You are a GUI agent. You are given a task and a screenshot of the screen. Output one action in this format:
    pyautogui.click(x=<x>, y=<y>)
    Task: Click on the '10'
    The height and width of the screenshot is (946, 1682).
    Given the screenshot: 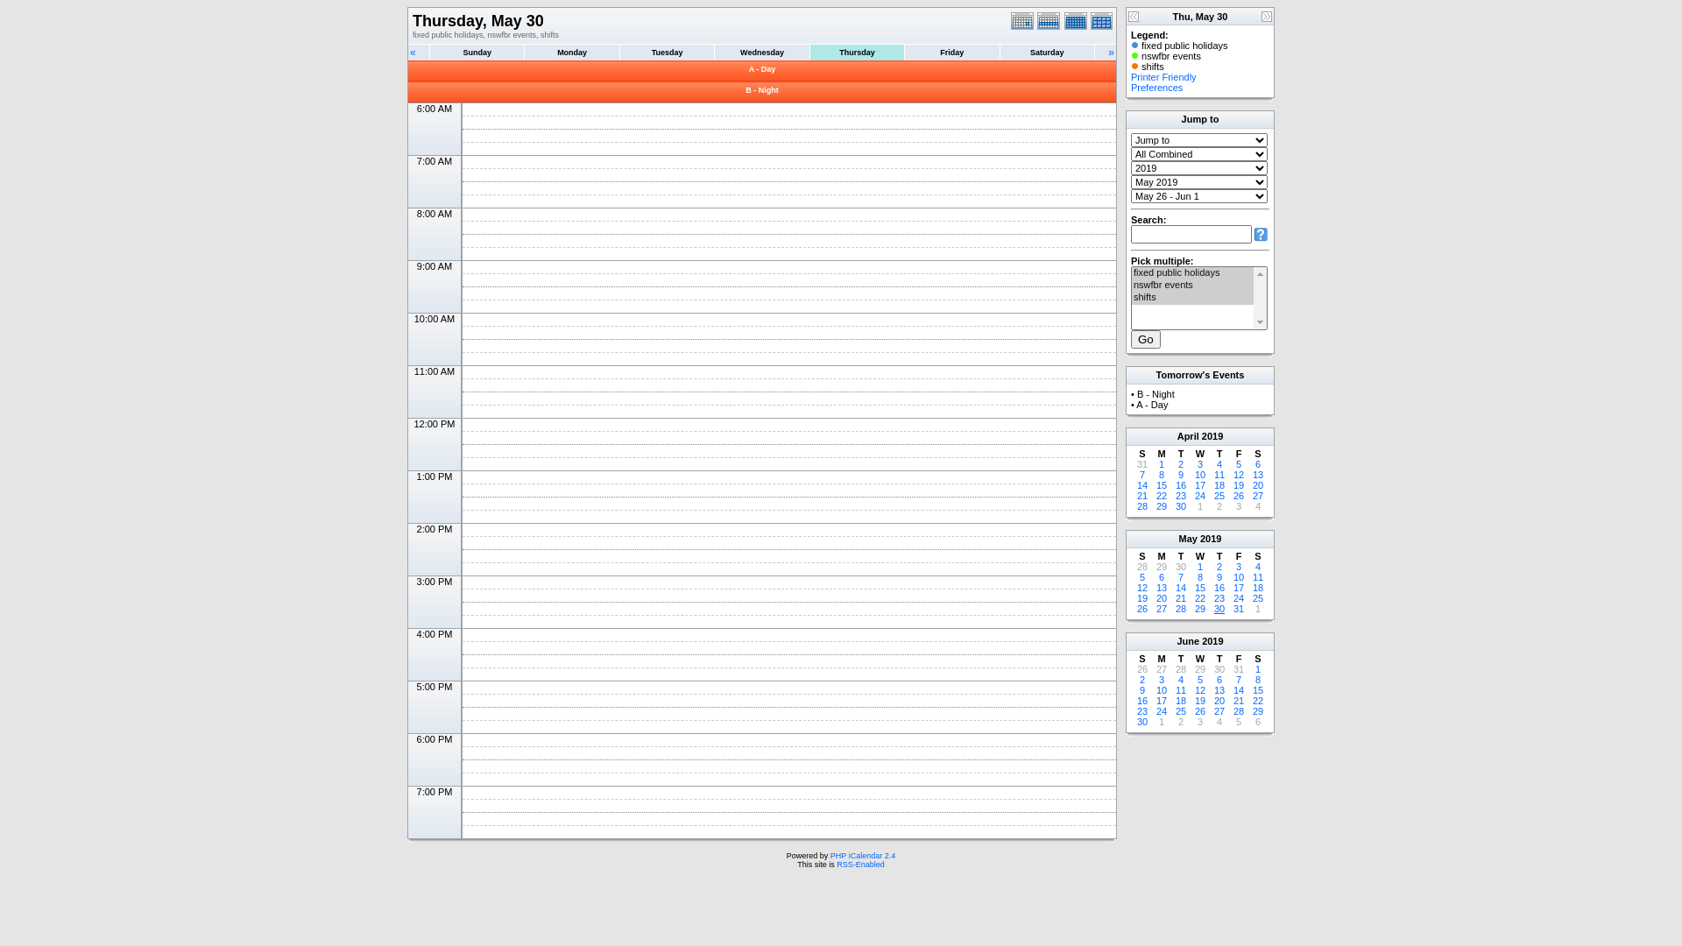 What is the action you would take?
    pyautogui.click(x=1198, y=475)
    